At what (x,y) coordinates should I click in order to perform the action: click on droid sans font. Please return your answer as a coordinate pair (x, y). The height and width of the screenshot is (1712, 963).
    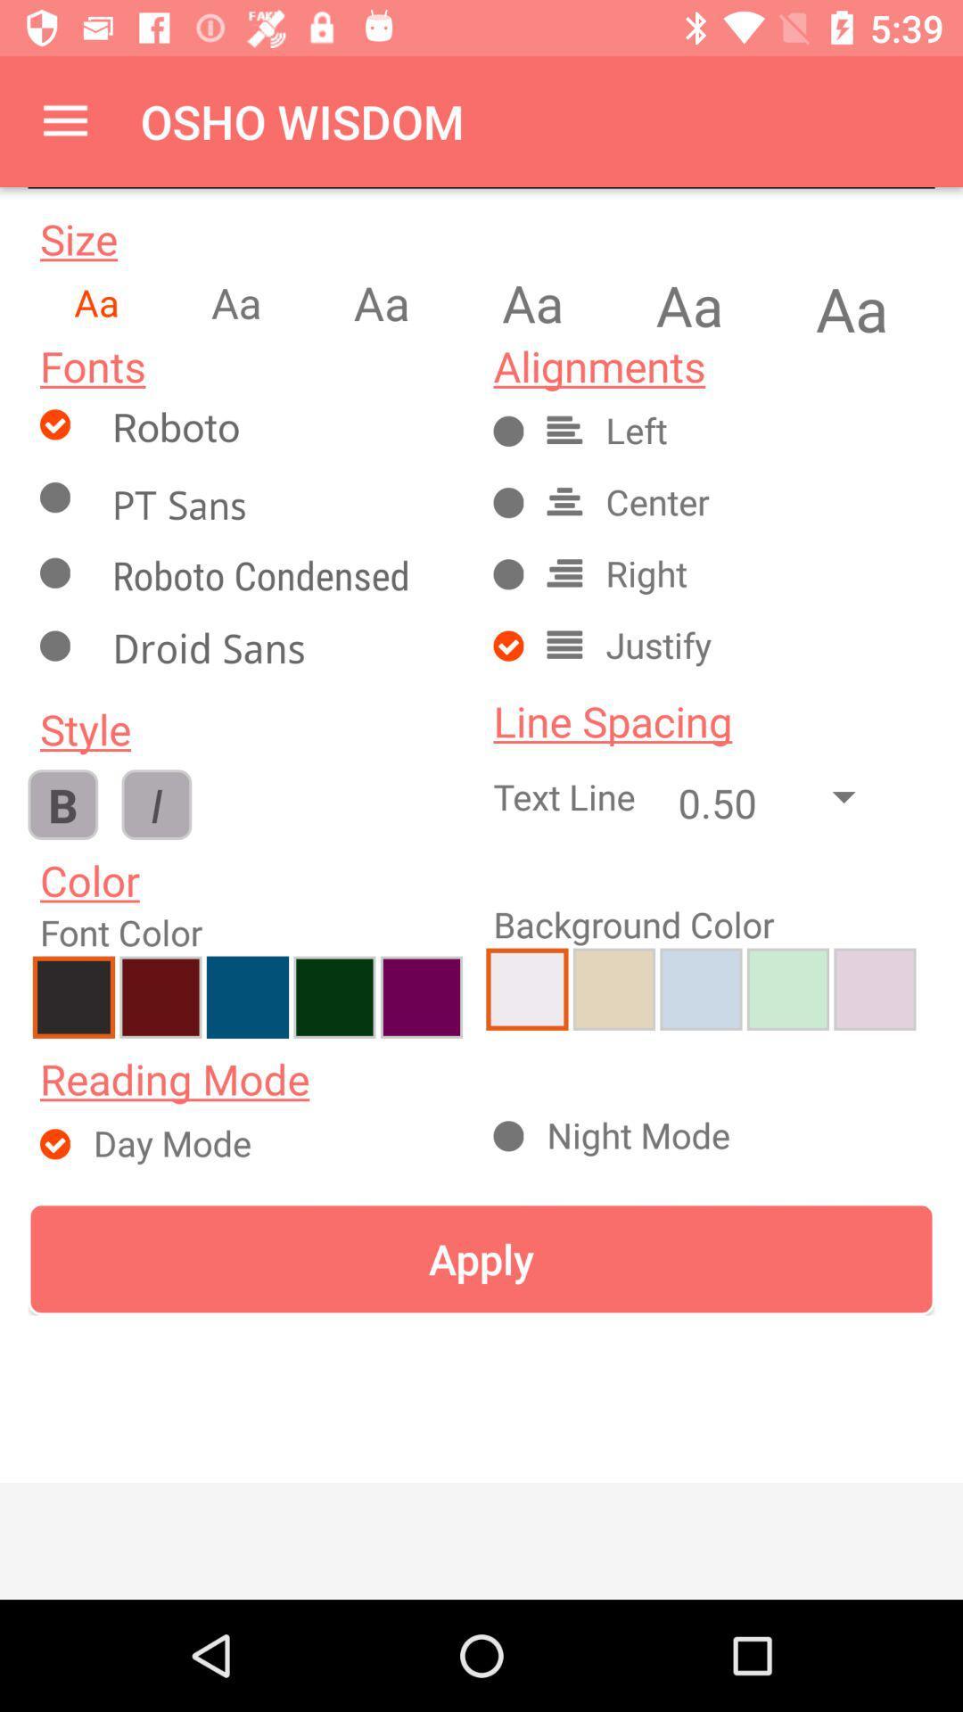
    Looking at the image, I should click on (281, 651).